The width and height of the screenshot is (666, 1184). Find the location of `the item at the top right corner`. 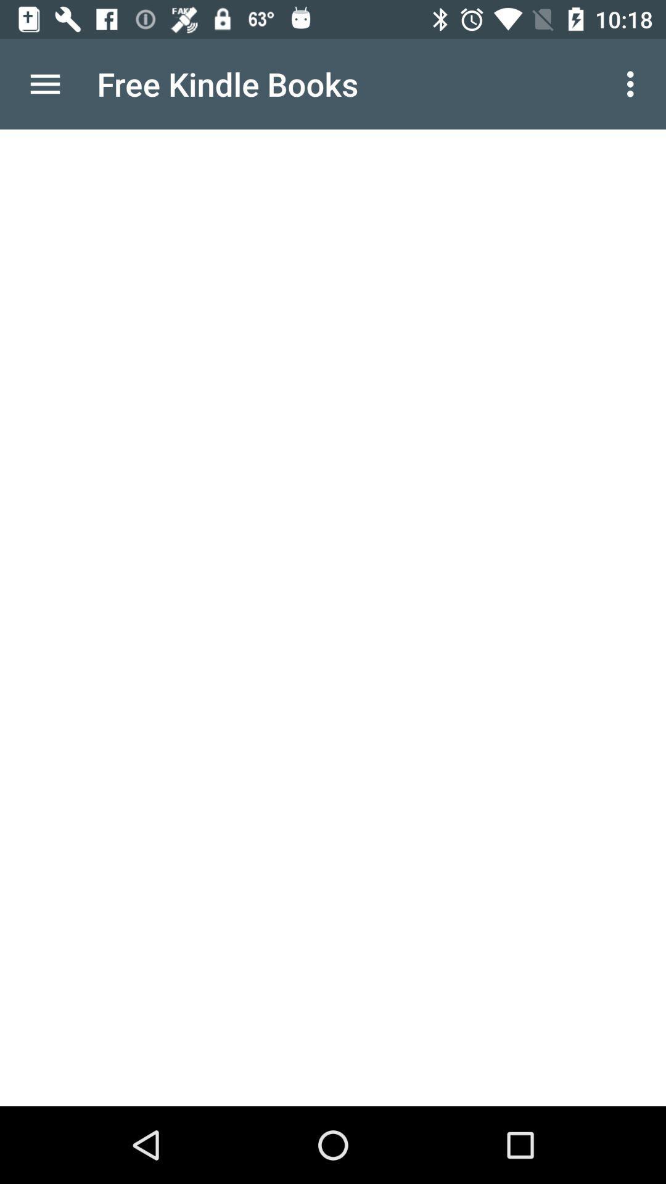

the item at the top right corner is located at coordinates (633, 83).